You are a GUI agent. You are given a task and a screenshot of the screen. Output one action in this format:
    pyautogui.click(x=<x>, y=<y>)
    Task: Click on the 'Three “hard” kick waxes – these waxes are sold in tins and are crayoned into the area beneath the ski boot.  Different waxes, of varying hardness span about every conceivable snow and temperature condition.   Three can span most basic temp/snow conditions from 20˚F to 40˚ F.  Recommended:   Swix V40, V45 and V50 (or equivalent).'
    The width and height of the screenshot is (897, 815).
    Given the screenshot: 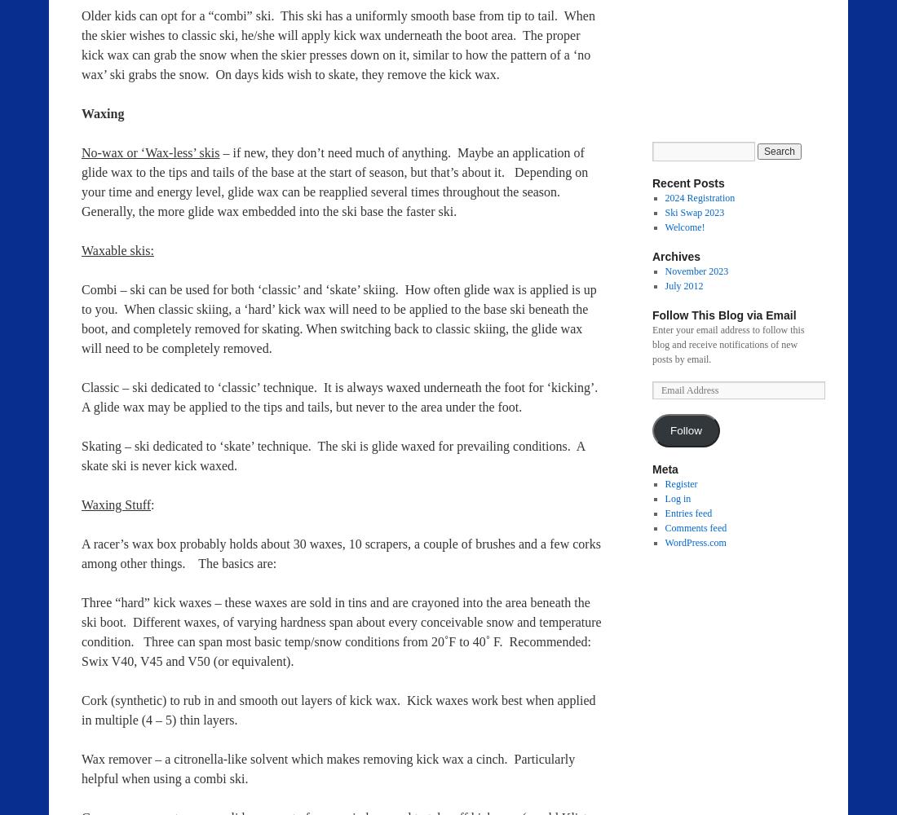 What is the action you would take?
    pyautogui.click(x=340, y=632)
    